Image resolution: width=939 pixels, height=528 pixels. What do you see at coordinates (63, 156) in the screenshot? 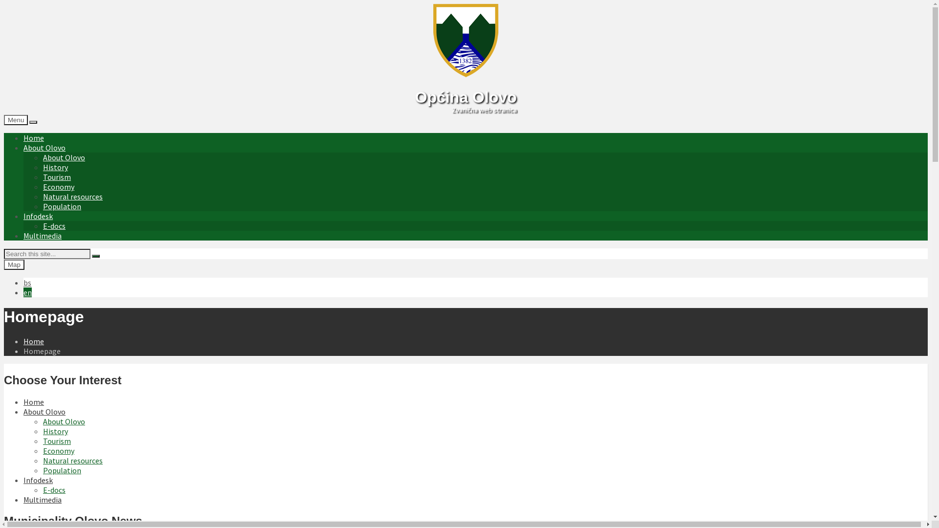
I see `'About Olovo'` at bounding box center [63, 156].